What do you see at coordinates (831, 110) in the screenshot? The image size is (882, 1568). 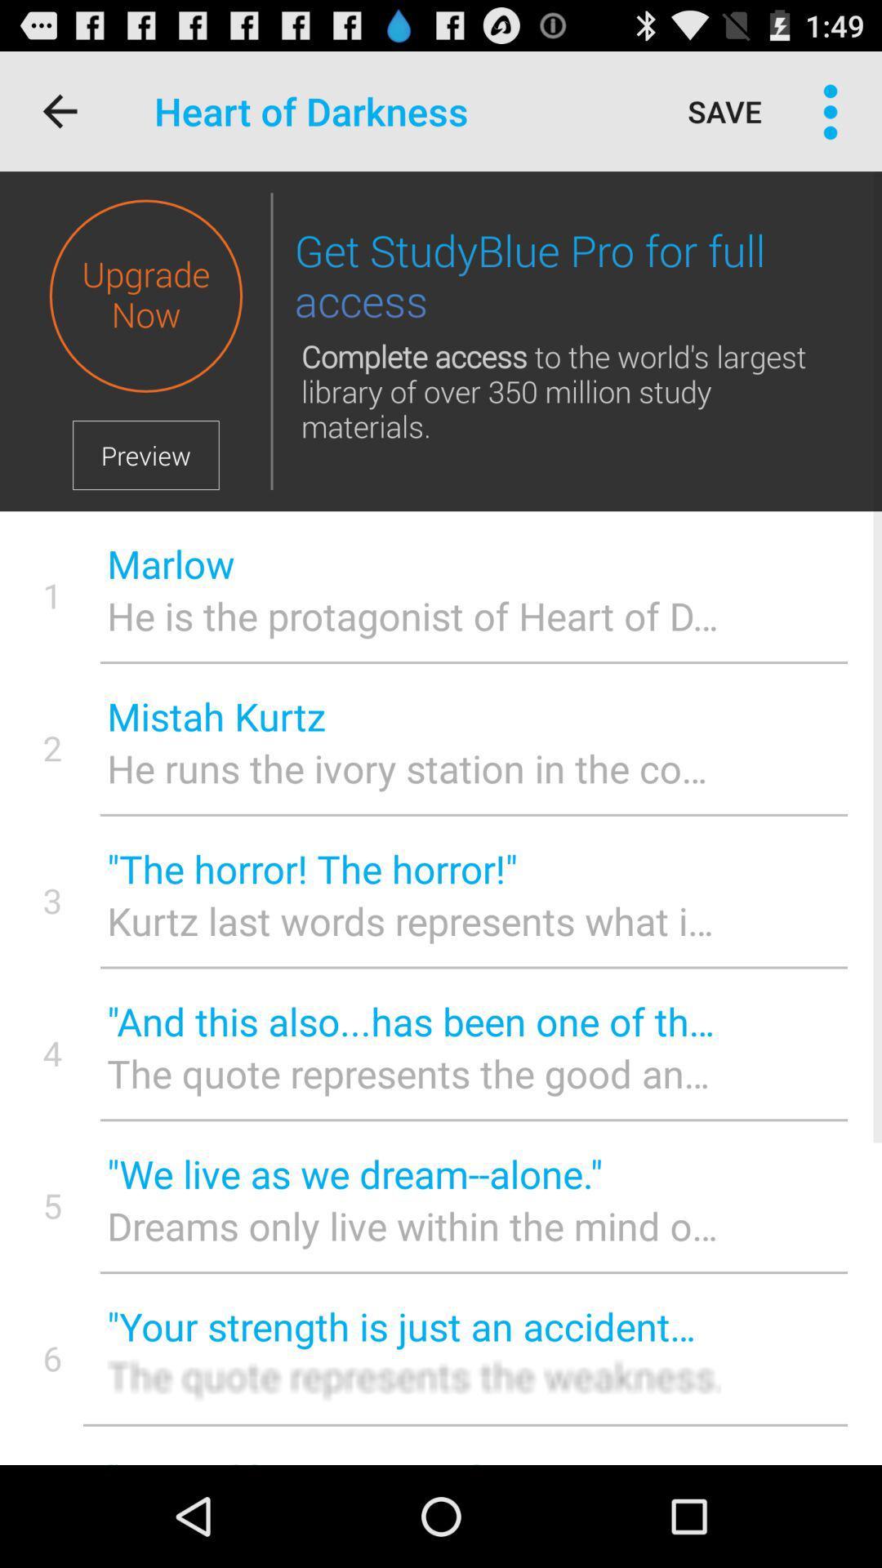 I see `the item next to save icon` at bounding box center [831, 110].